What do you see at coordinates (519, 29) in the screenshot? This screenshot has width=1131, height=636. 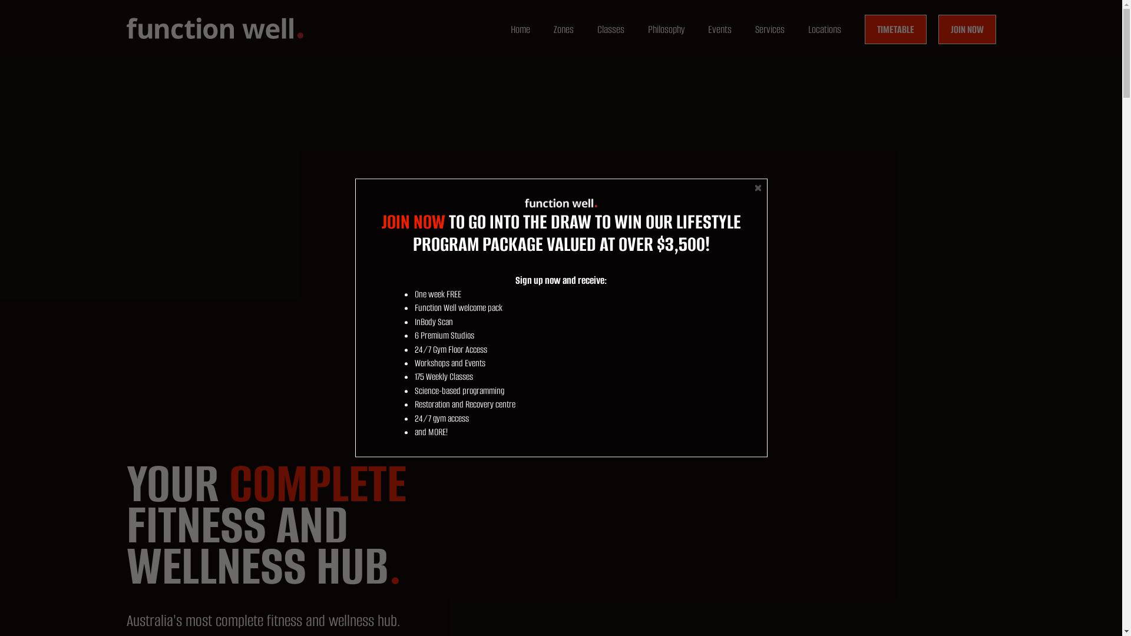 I see `'Home'` at bounding box center [519, 29].